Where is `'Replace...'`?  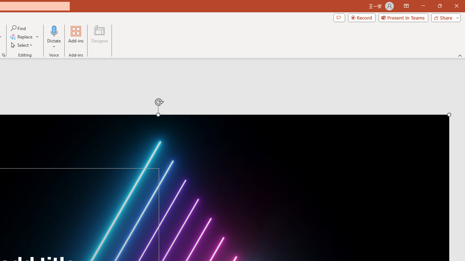 'Replace...' is located at coordinates (22, 37).